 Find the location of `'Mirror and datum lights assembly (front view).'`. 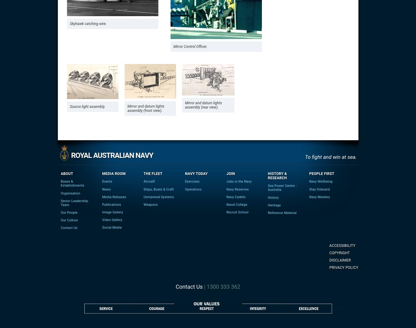

'Mirror and datum lights assembly (front view).' is located at coordinates (127, 108).